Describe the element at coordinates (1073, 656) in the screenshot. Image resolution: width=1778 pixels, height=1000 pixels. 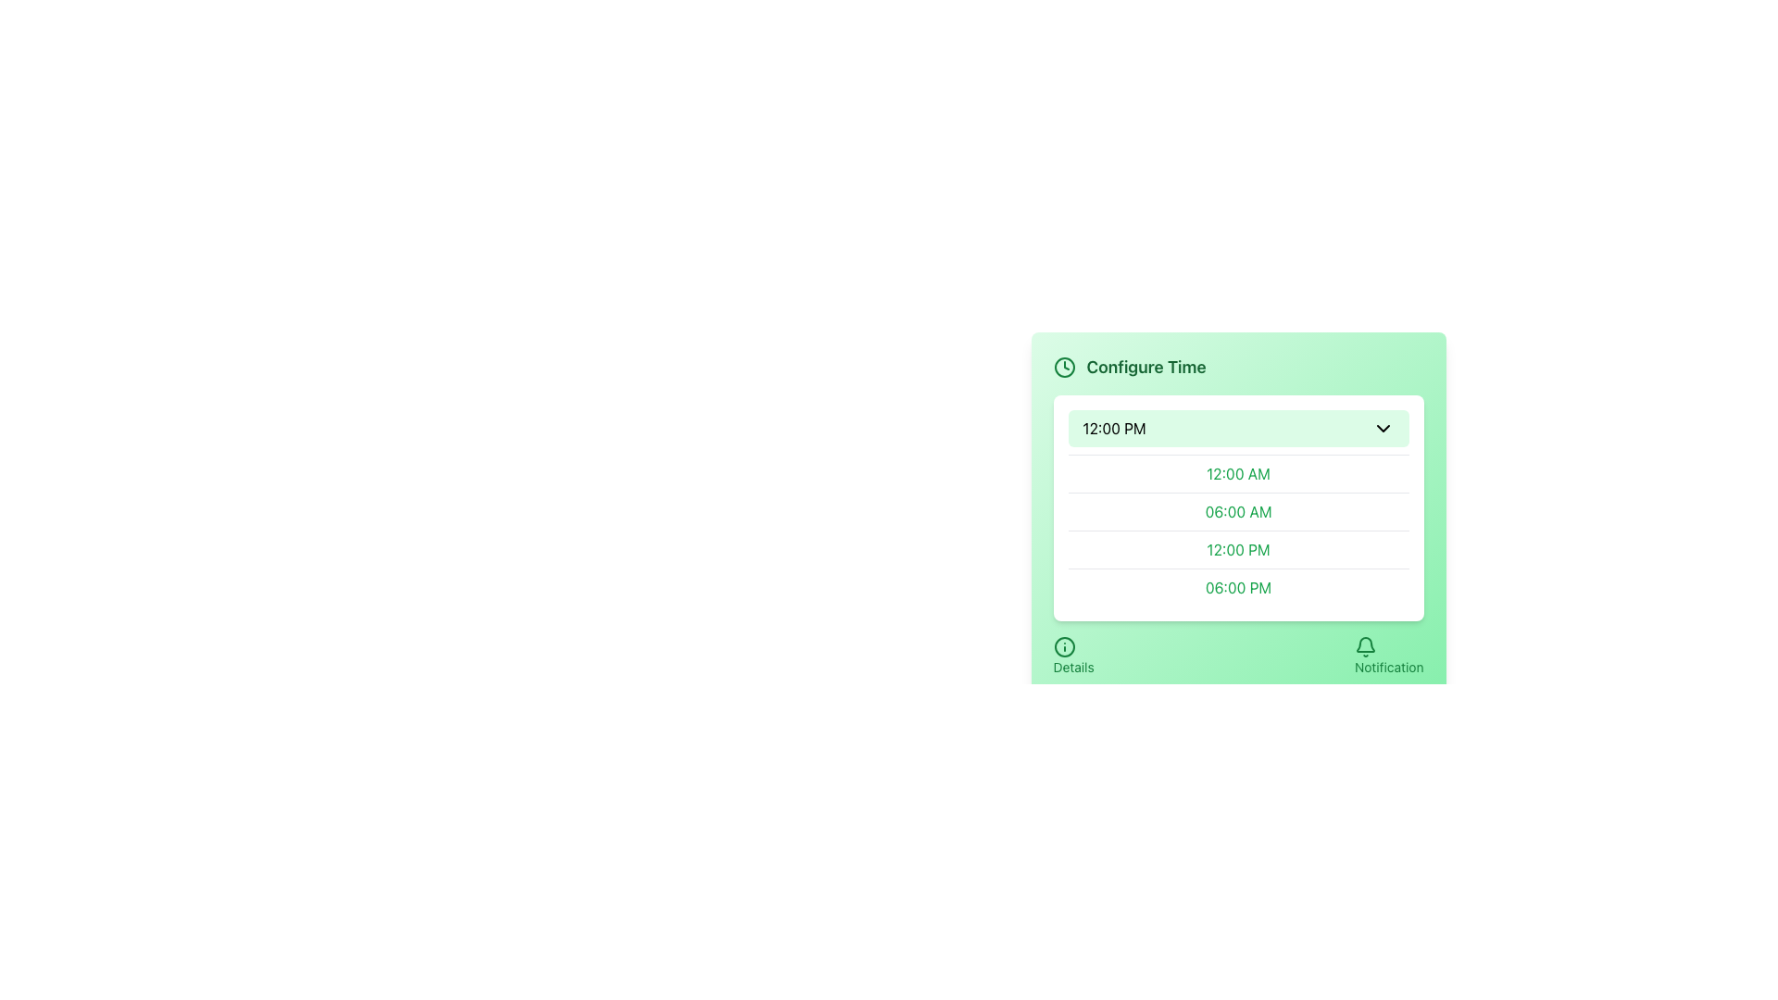
I see `the Information Button located at the lower-left corner of a light green panel` at that location.